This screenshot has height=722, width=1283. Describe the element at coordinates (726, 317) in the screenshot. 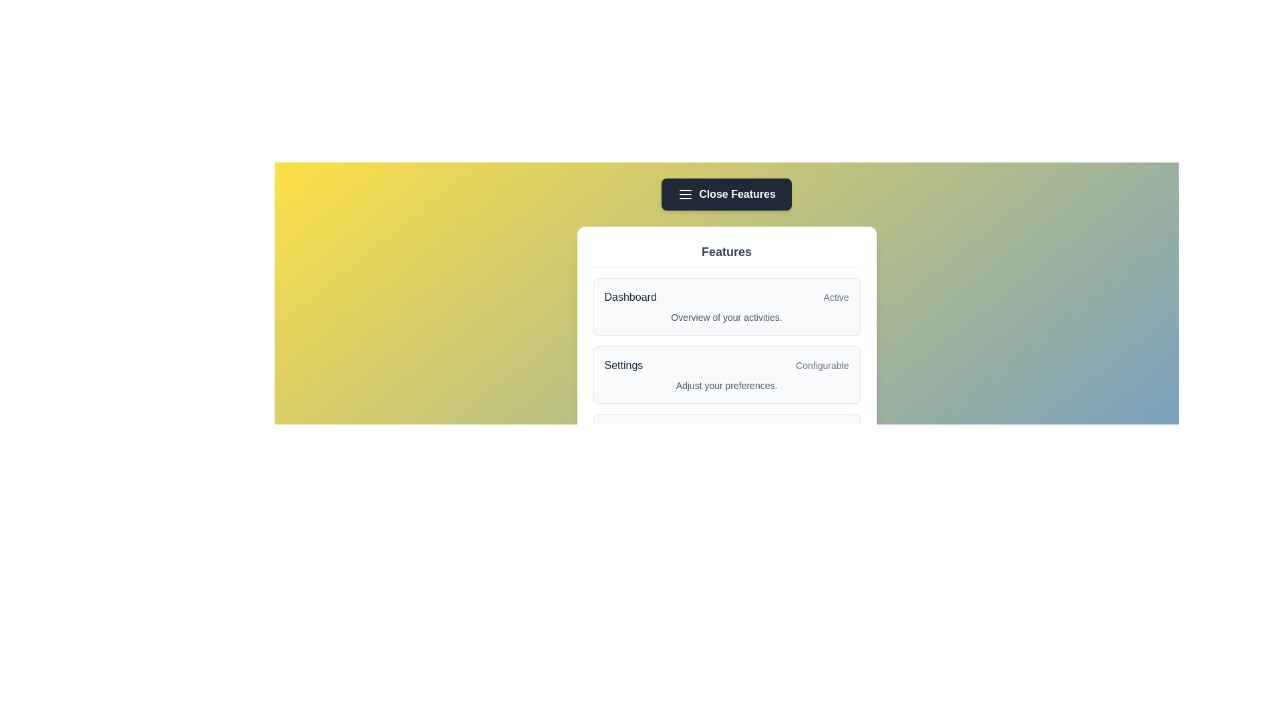

I see `the static text element that reads 'Overview of your activities', which is styled with a smaller font size and grey color, located below the 'Dashboard' title within a card-like section` at that location.